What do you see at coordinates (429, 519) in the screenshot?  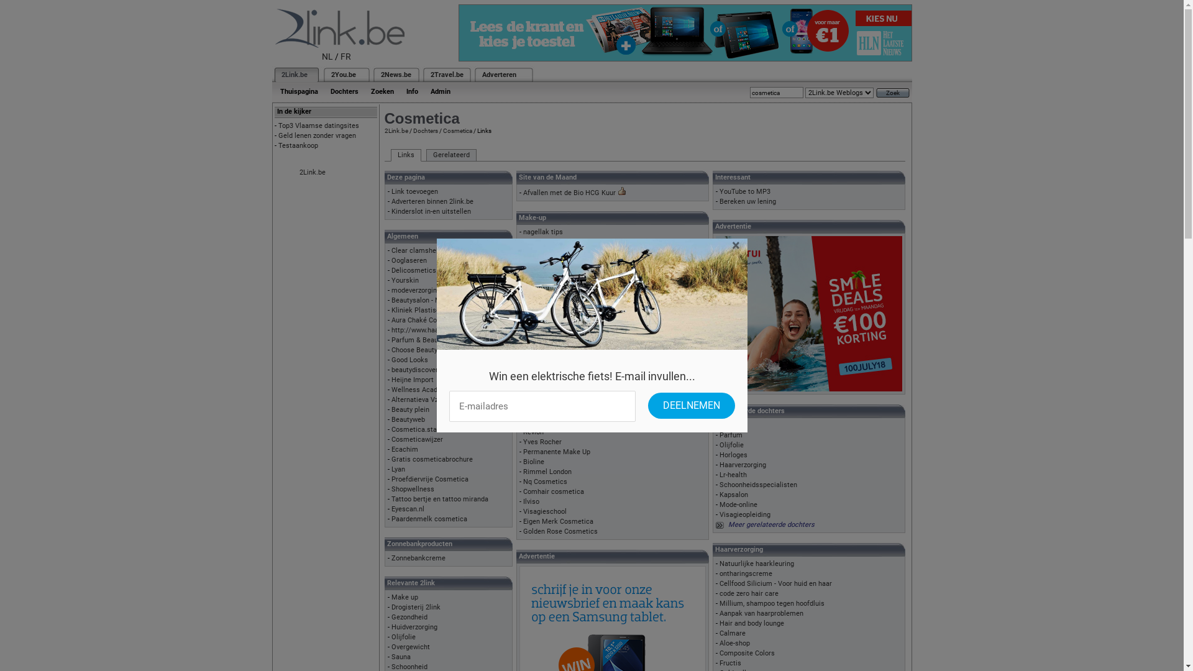 I see `'Paardenmelk cosmetica'` at bounding box center [429, 519].